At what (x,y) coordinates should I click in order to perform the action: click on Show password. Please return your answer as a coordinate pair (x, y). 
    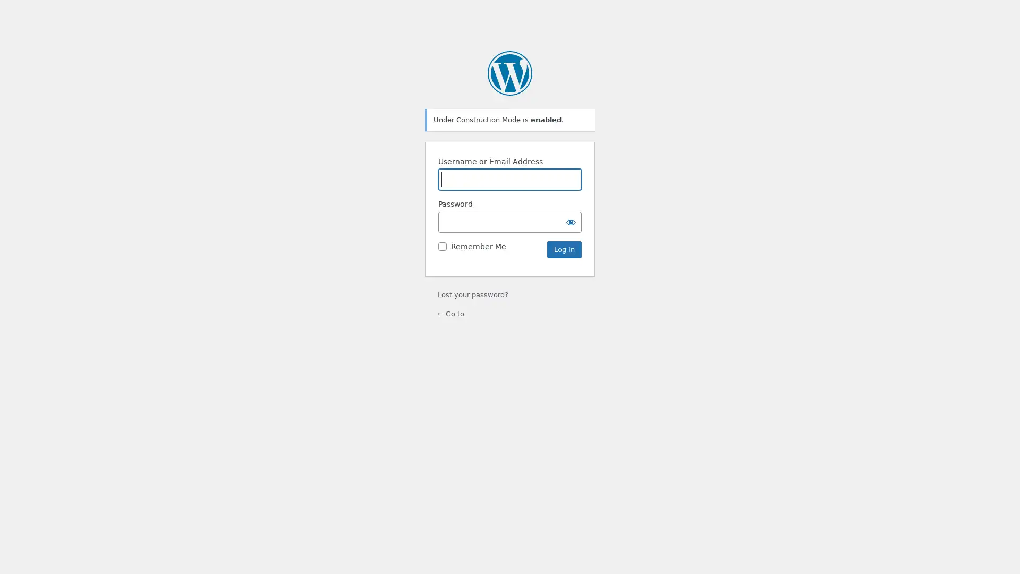
    Looking at the image, I should click on (571, 221).